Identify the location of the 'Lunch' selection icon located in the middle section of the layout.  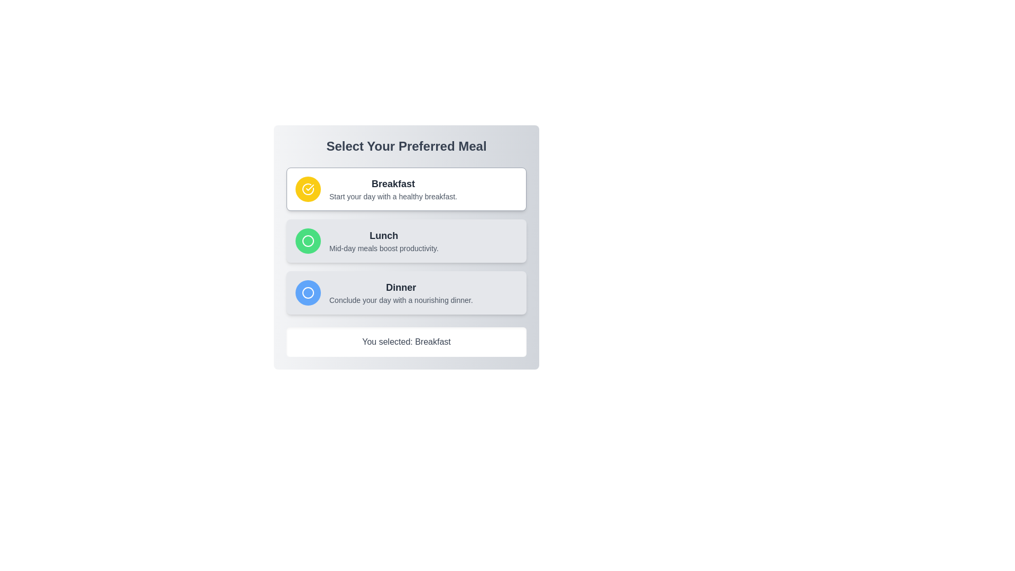
(307, 241).